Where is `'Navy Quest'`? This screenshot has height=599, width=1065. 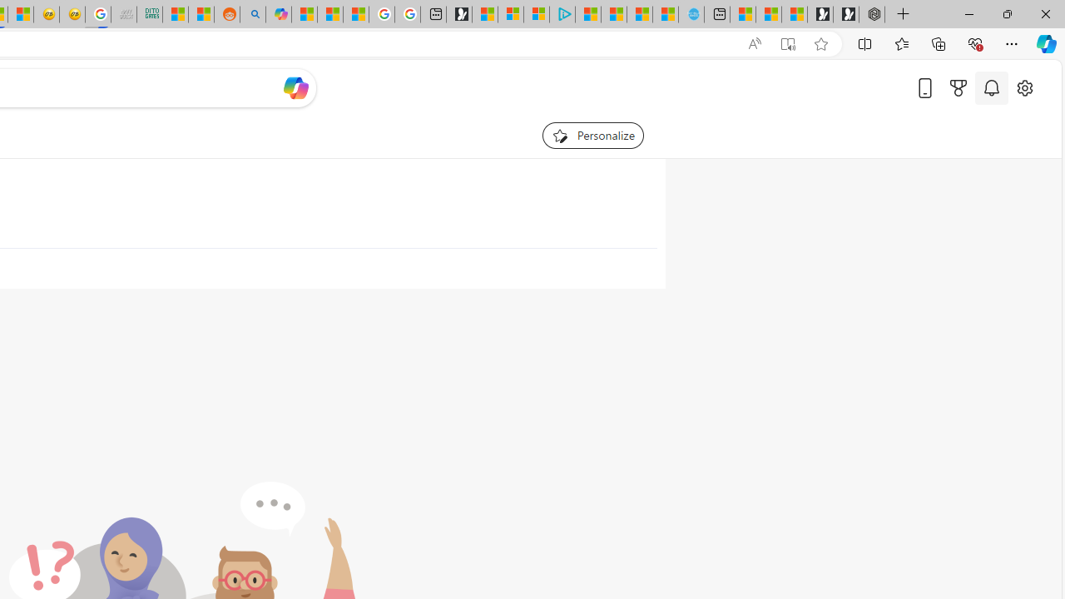 'Navy Quest' is located at coordinates (123, 14).